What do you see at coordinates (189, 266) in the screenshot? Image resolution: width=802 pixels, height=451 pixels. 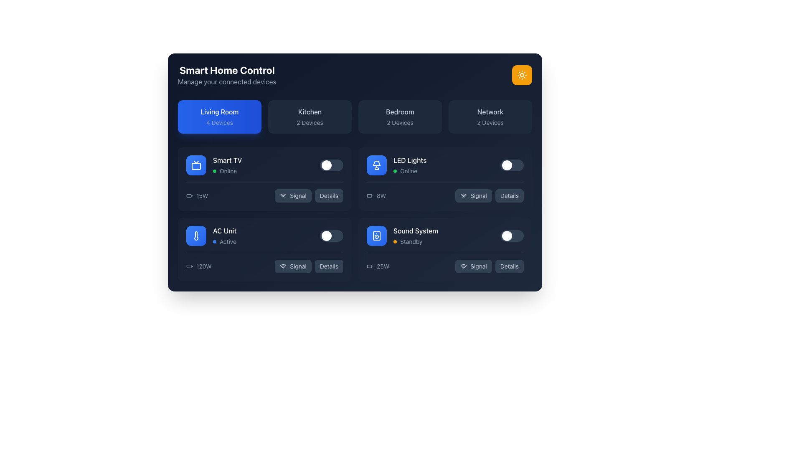 I see `the power icon located to the left of the '120W' text, which represents the device's power consumption` at bounding box center [189, 266].